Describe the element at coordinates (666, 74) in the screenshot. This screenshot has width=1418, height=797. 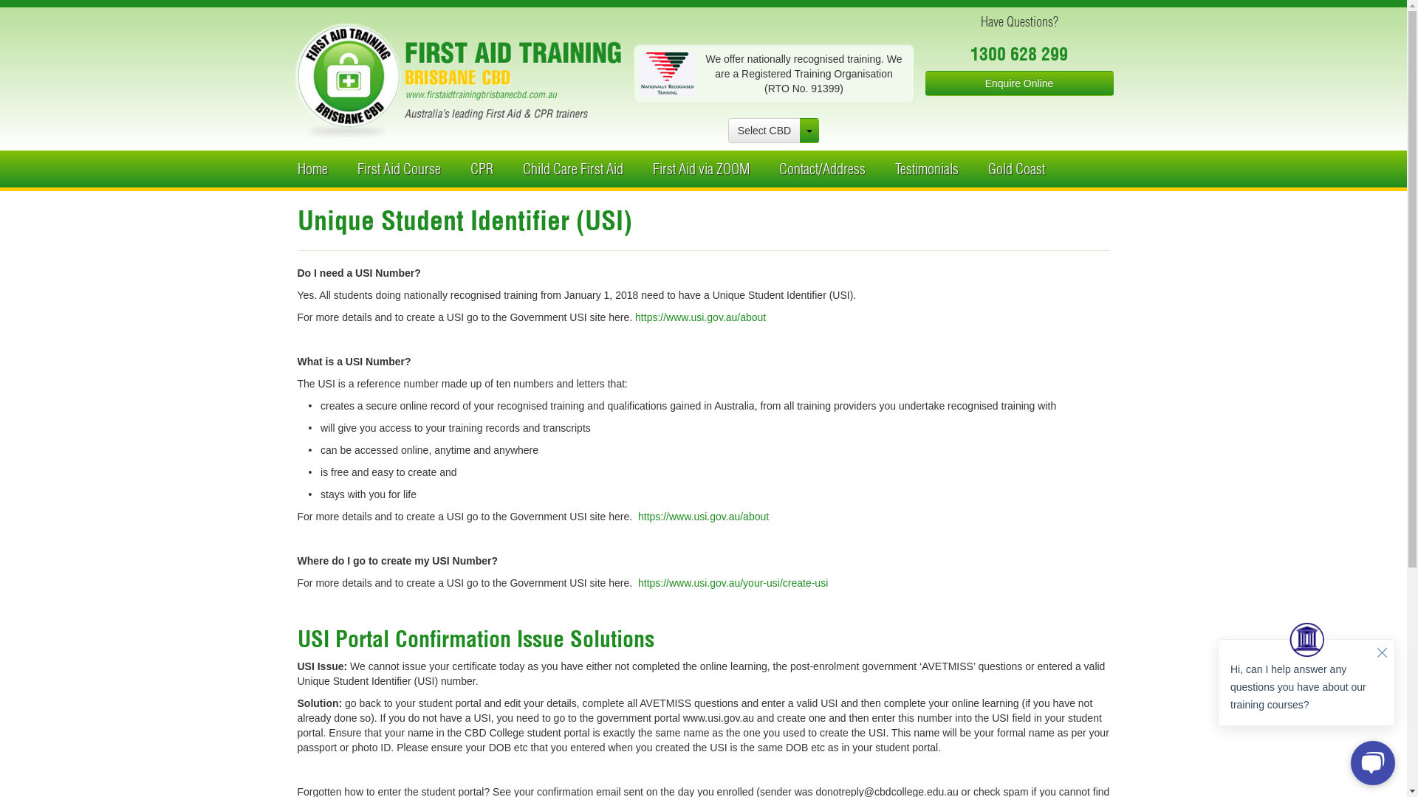
I see `'Nationally Recognized Training'` at that location.